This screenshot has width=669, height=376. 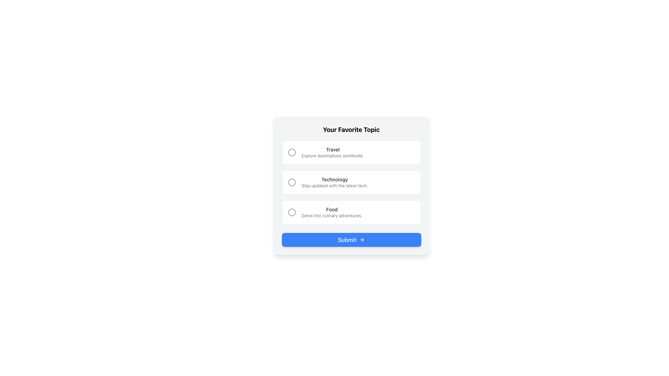 What do you see at coordinates (334, 179) in the screenshot?
I see `the text label displaying 'Technology', which is styled in medium font weight and gray color, located in the middle of the selection panel` at bounding box center [334, 179].